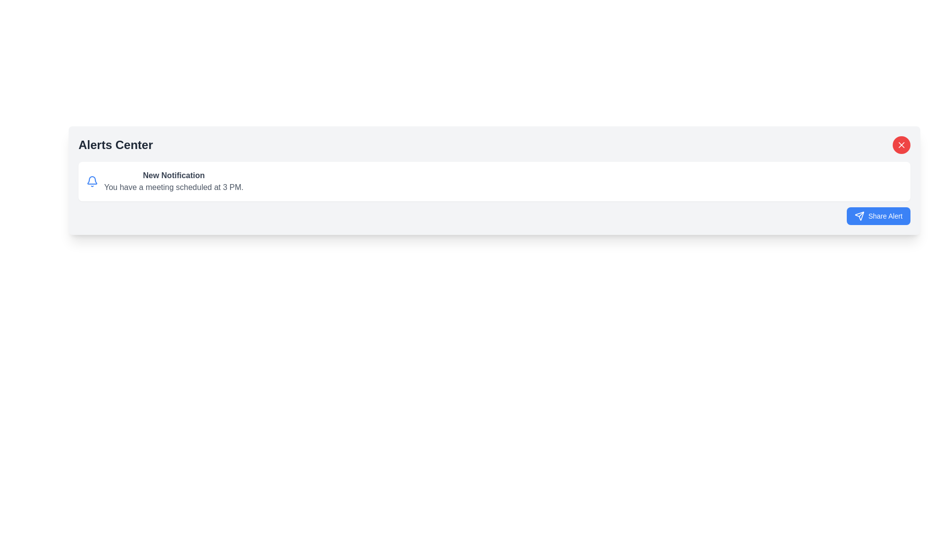 The width and height of the screenshot is (948, 533). Describe the element at coordinates (174, 175) in the screenshot. I see `the 'New Notification' text label, which is styled with a bold font and colored gray, positioned at the upper part of the notification card layout` at that location.